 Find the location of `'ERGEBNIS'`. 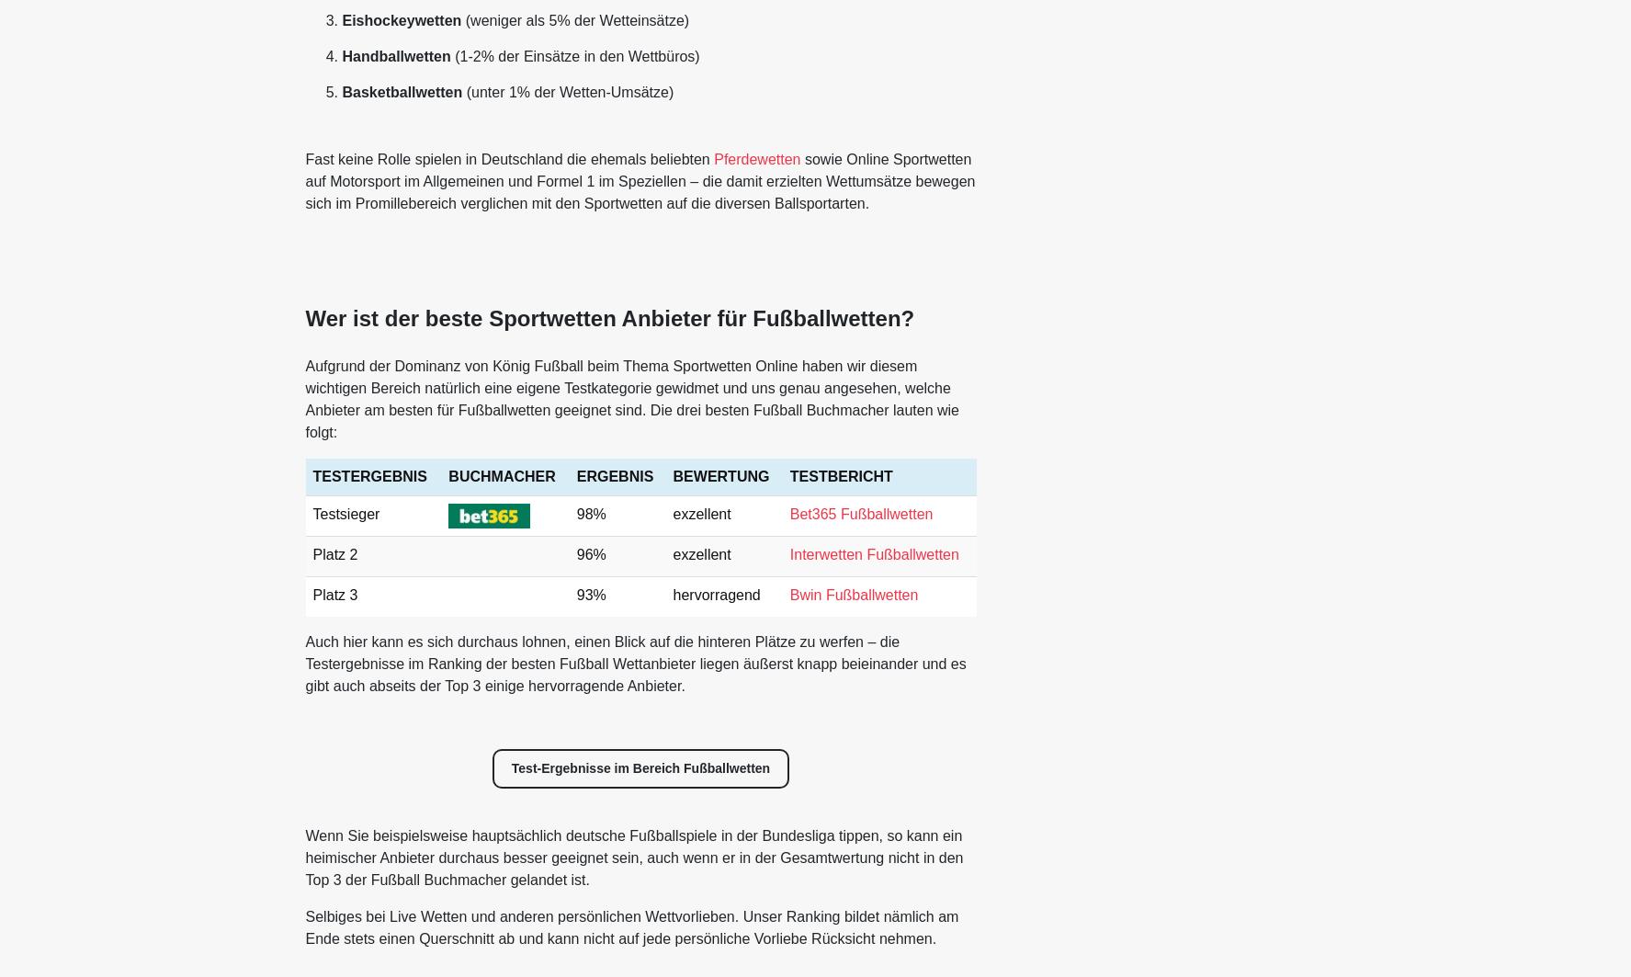

'ERGEBNIS' is located at coordinates (613, 476).